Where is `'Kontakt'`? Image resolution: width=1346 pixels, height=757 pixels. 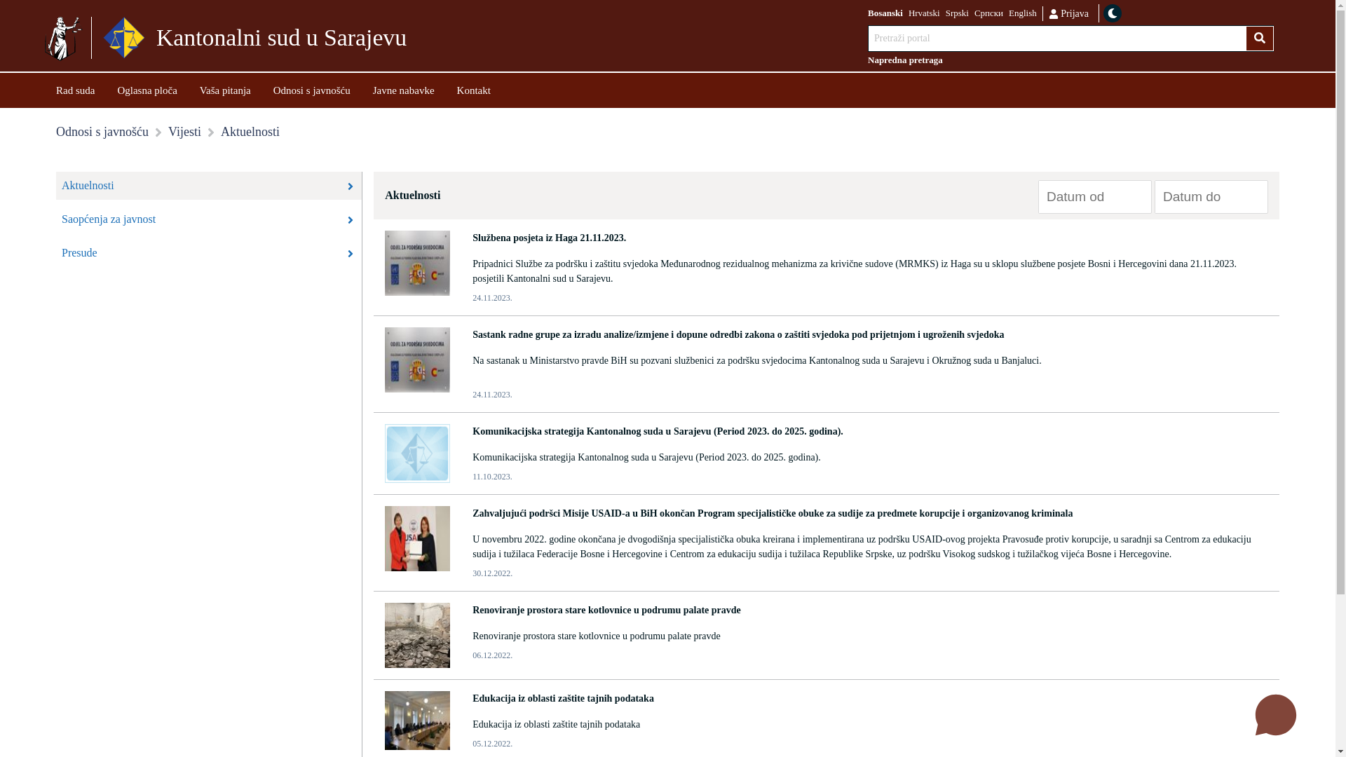 'Kontakt' is located at coordinates (474, 90).